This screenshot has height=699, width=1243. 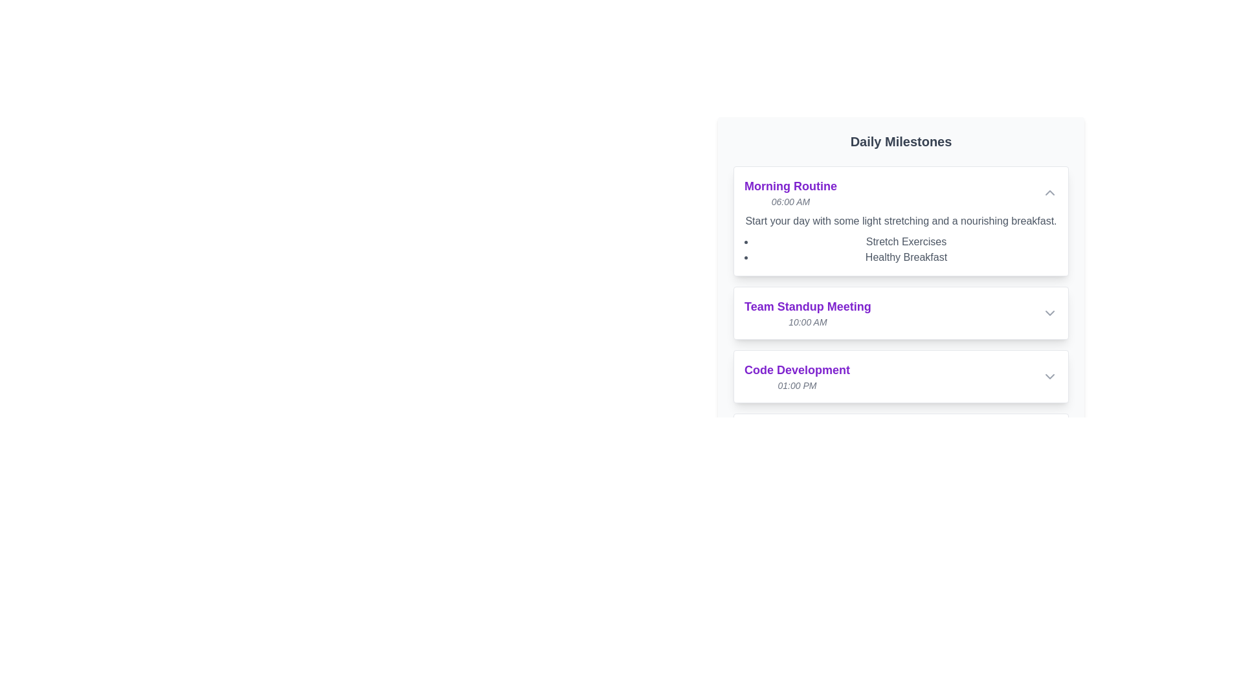 I want to click on the bold text label reading 'Morning Routine' at the top of the milestone card titled 'Morning Routine06:00 AM', so click(x=790, y=186).